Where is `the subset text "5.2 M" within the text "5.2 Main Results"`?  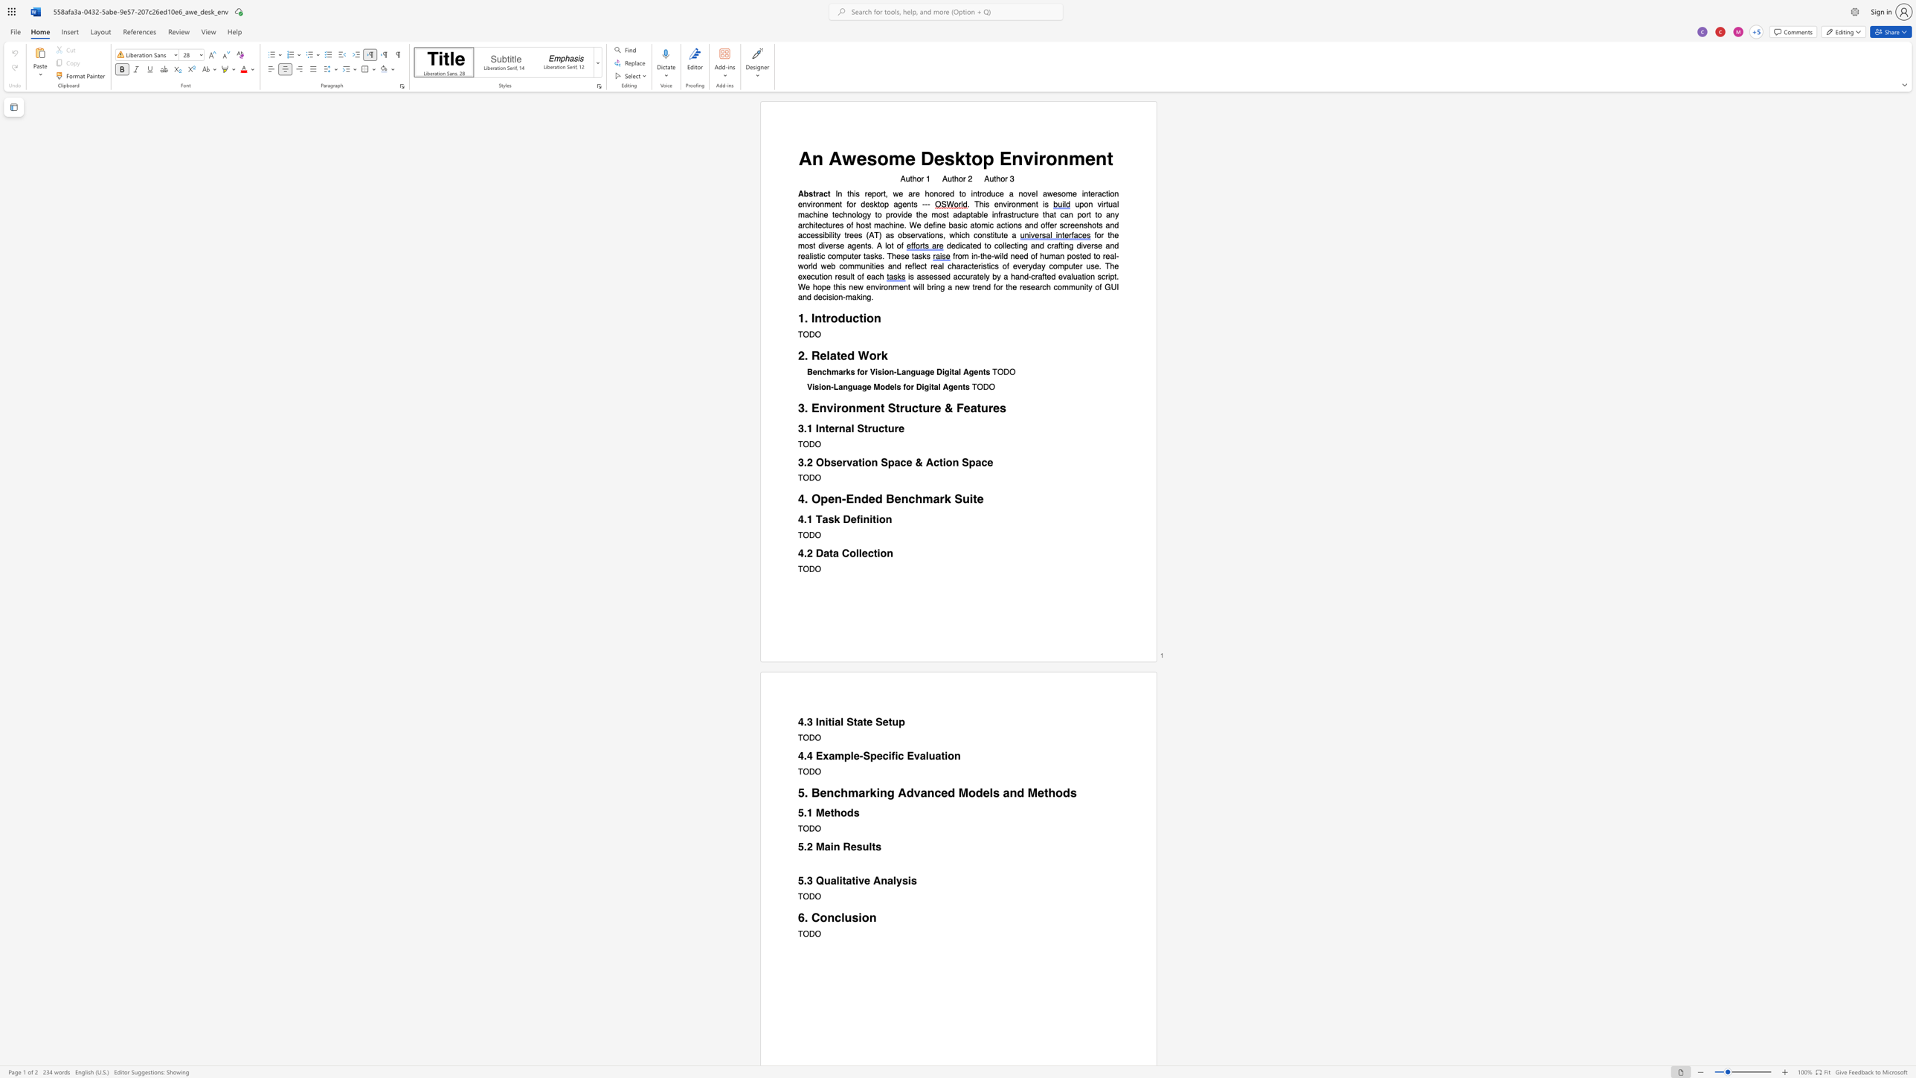
the subset text "5.2 M" within the text "5.2 Main Results" is located at coordinates (797, 846).